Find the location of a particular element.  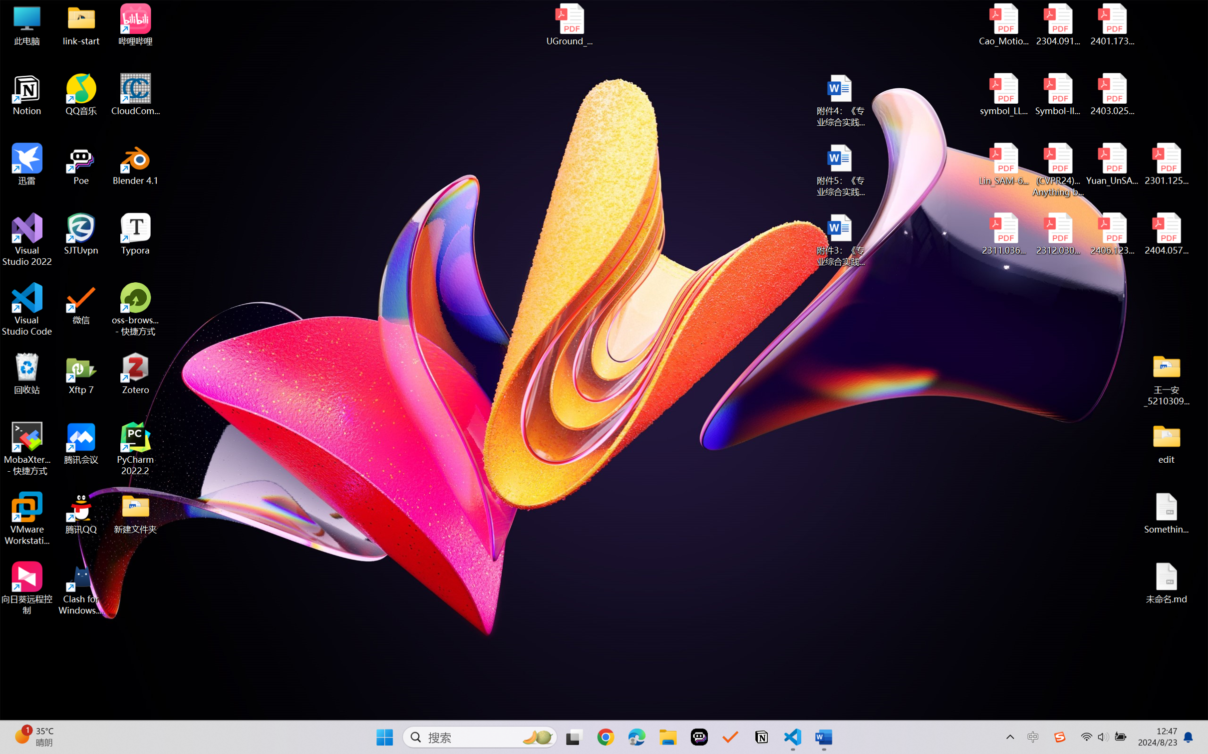

'2406.12373v2.pdf' is located at coordinates (1111, 234).